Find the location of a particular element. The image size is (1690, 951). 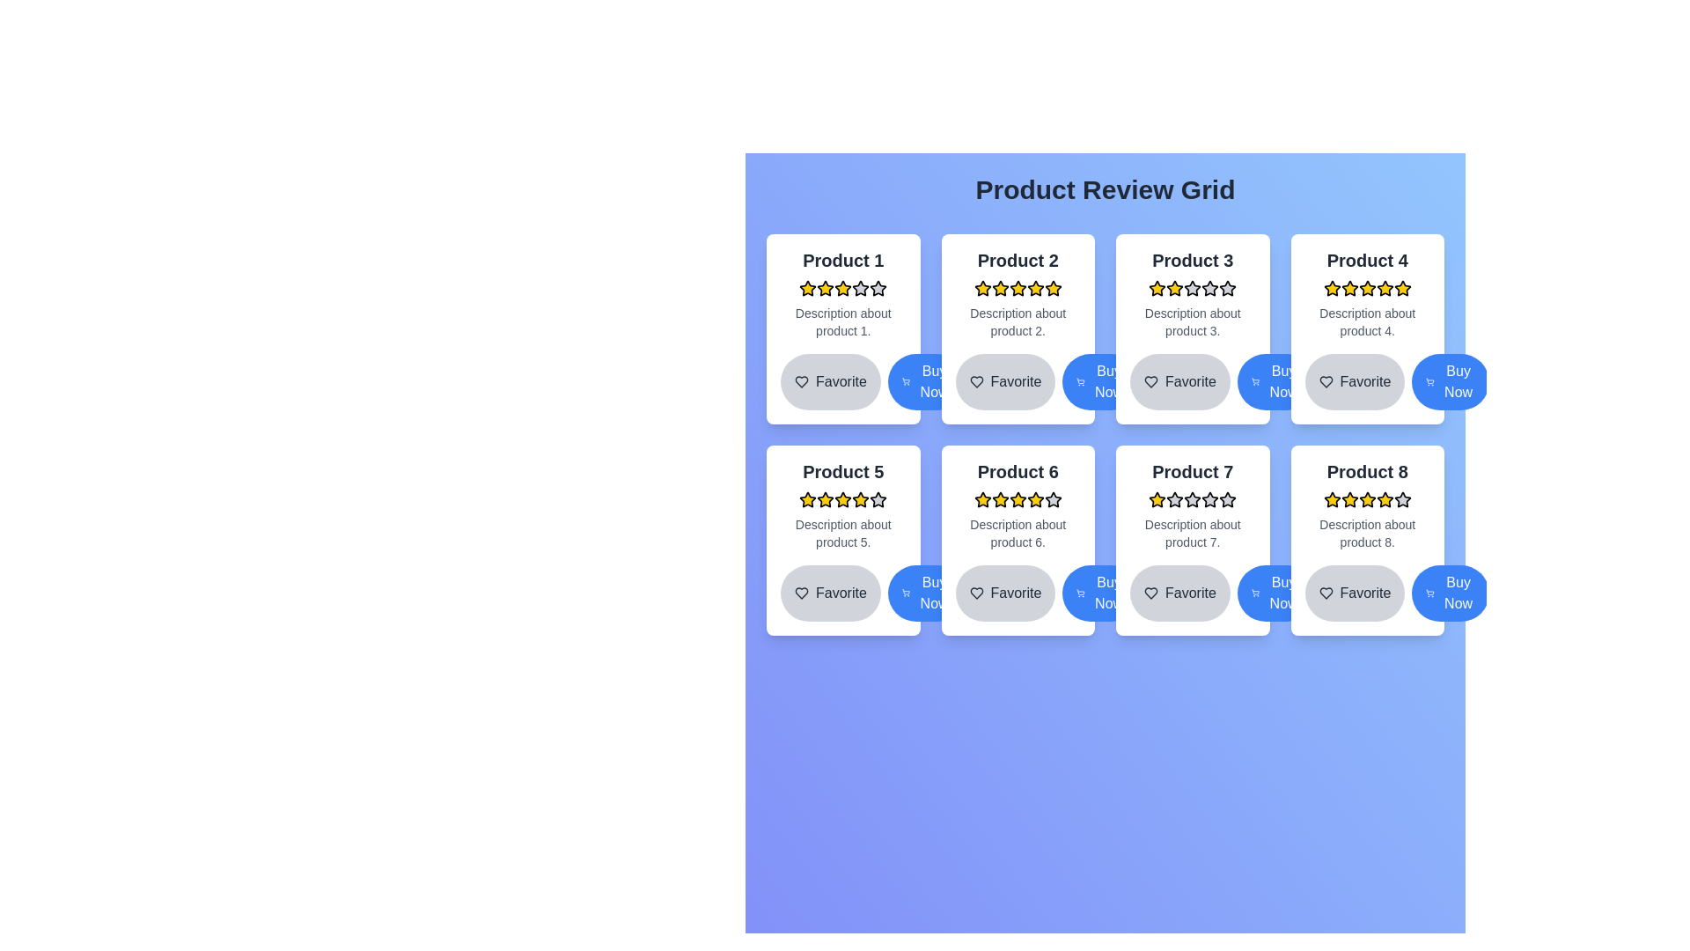

the product title label located at the center of the sixth item in the grid layout, which is positioned above the yellow star rating icons is located at coordinates (1018, 471).